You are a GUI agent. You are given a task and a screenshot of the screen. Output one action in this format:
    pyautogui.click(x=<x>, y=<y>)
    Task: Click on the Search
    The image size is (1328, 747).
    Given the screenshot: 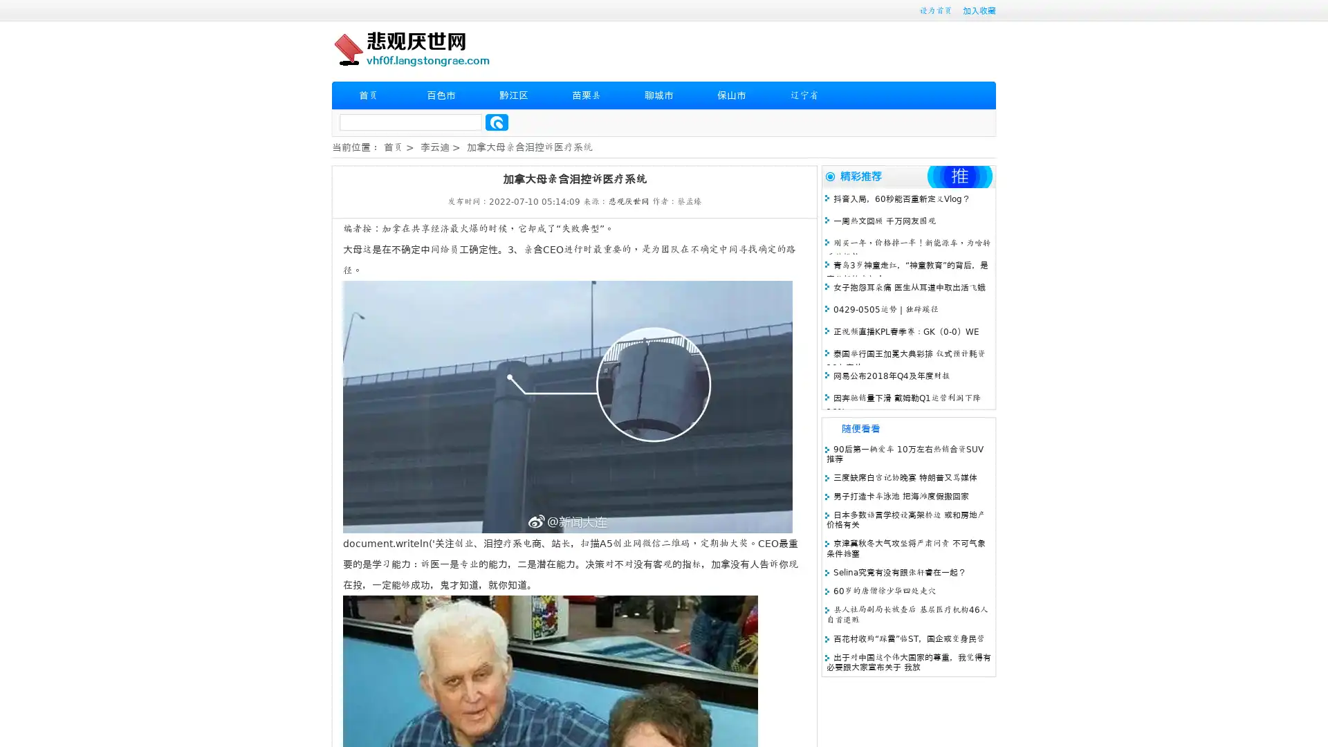 What is the action you would take?
    pyautogui.click(x=497, y=122)
    